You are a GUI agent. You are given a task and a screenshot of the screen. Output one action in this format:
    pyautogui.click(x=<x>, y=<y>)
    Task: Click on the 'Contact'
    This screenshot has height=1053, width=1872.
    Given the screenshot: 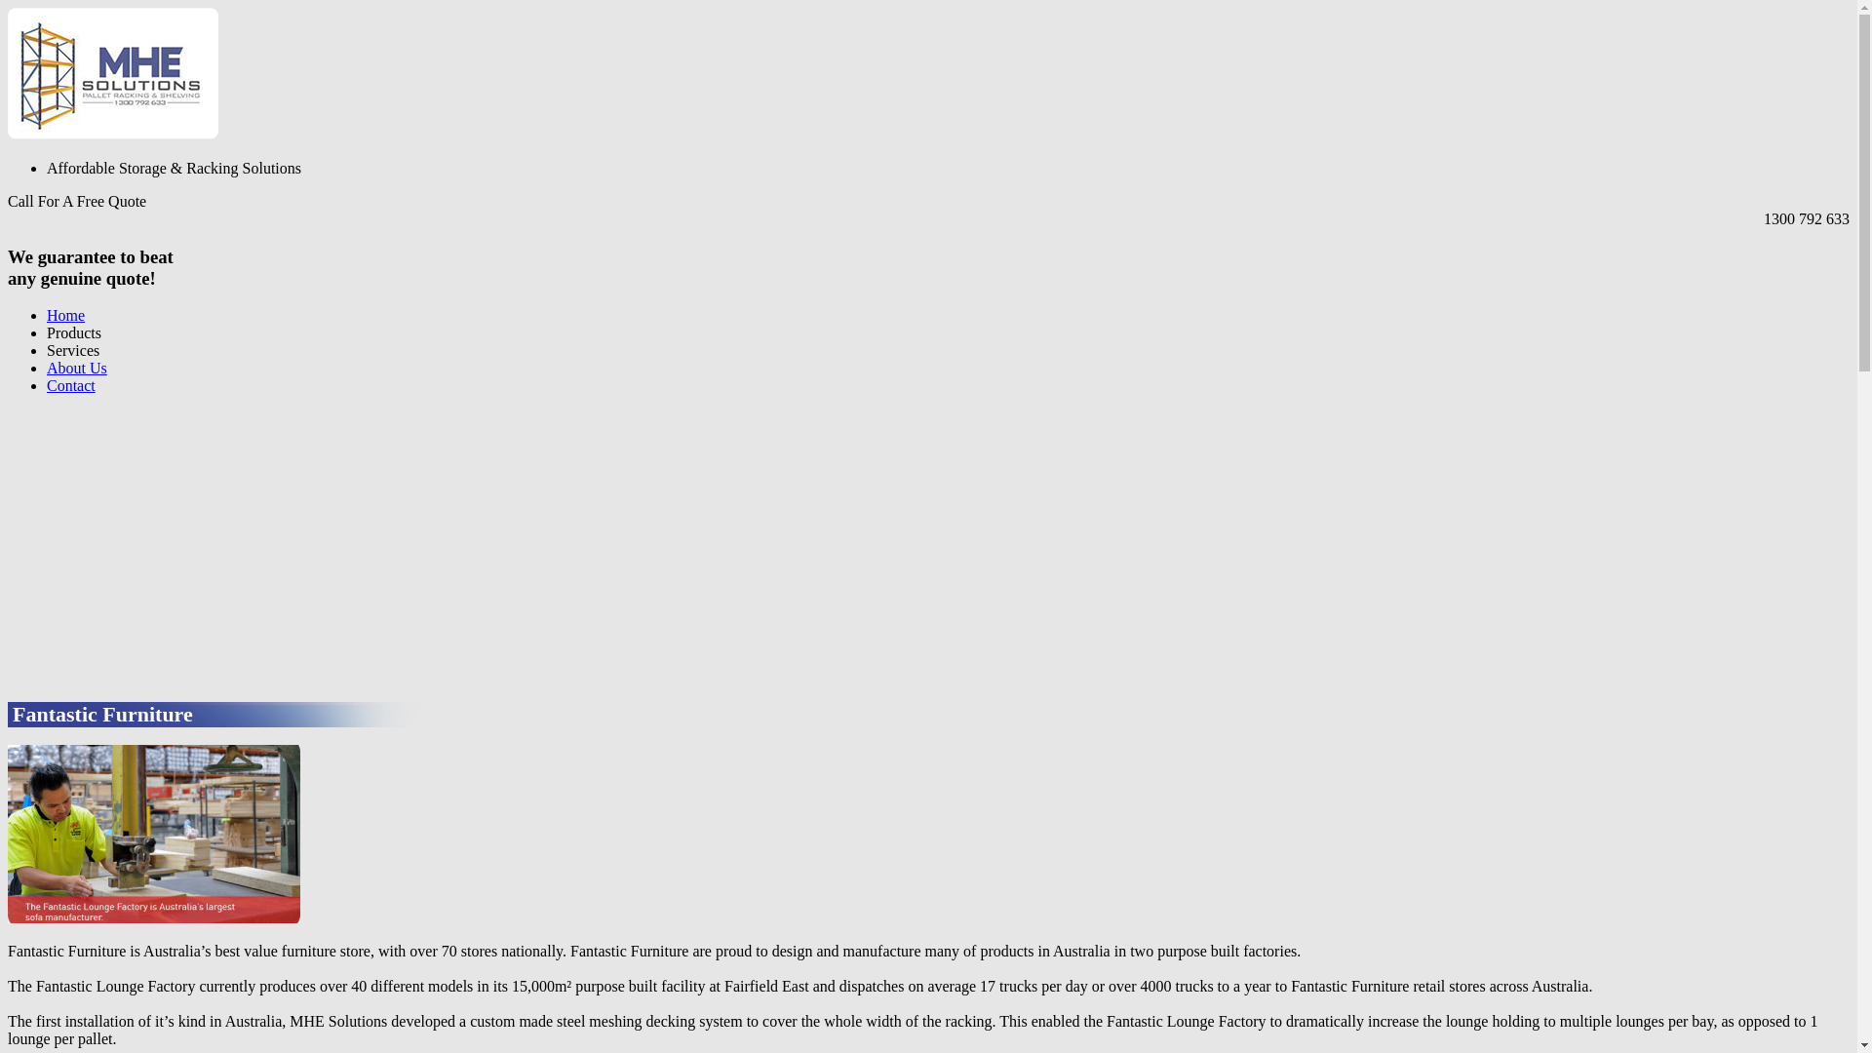 What is the action you would take?
    pyautogui.click(x=47, y=385)
    